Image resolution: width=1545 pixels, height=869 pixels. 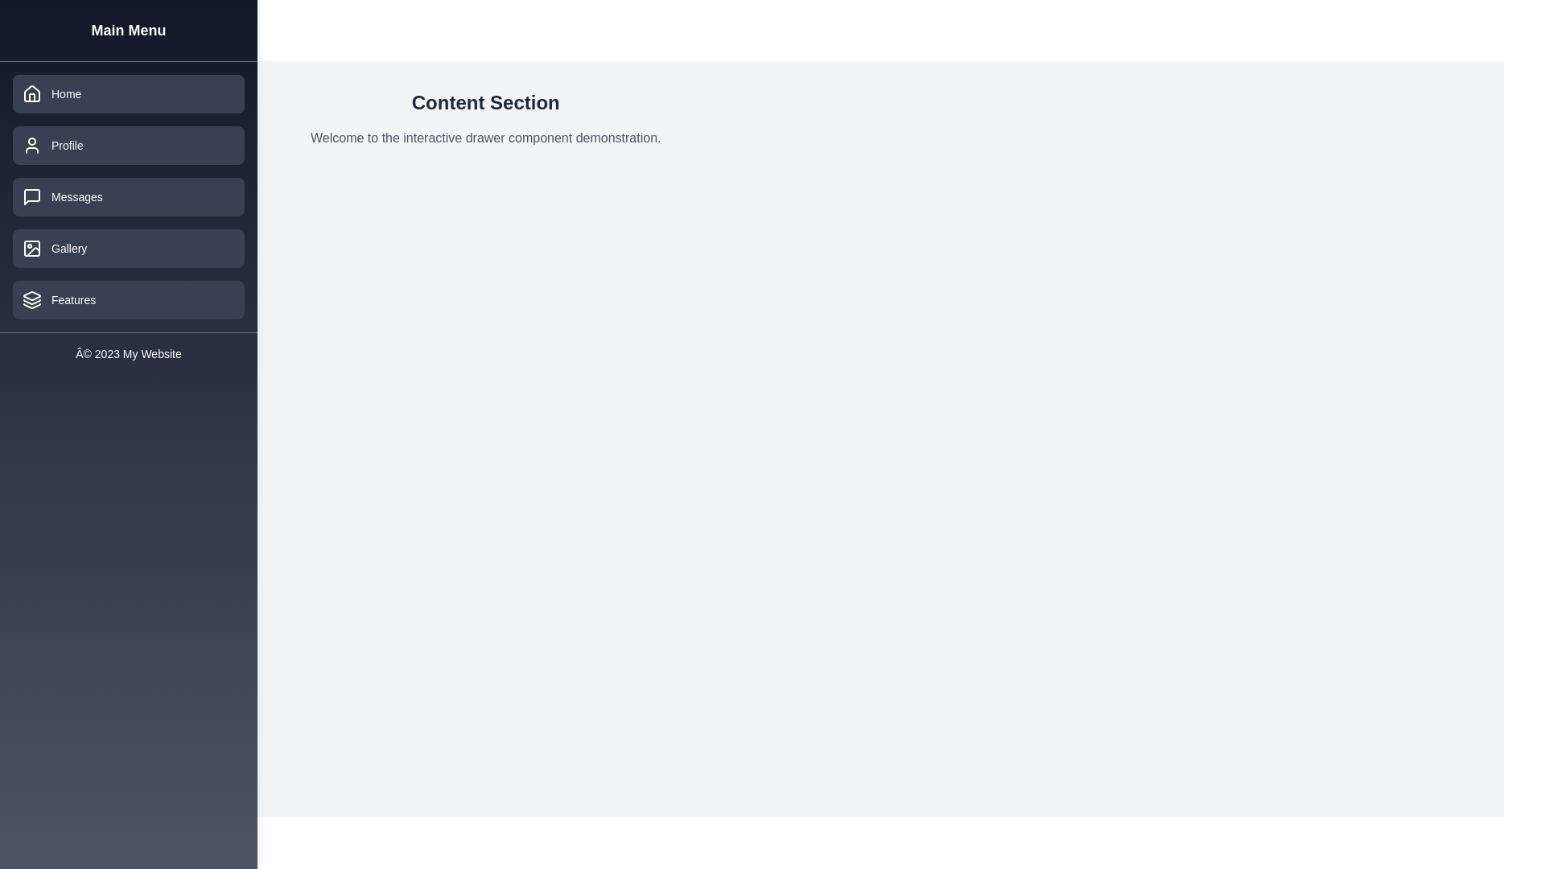 I want to click on the prominent 'Main Menu' text label, which is styled in bold white font against a dark background, located at the top-left corner of the interface, so click(x=127, y=31).